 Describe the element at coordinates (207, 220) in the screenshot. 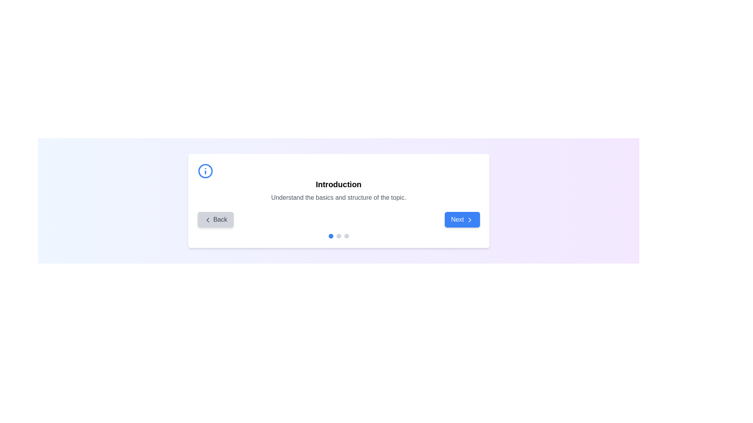

I see `the left-pointing arrow icon within the 'Back' button to trigger potential visual feedback` at that location.